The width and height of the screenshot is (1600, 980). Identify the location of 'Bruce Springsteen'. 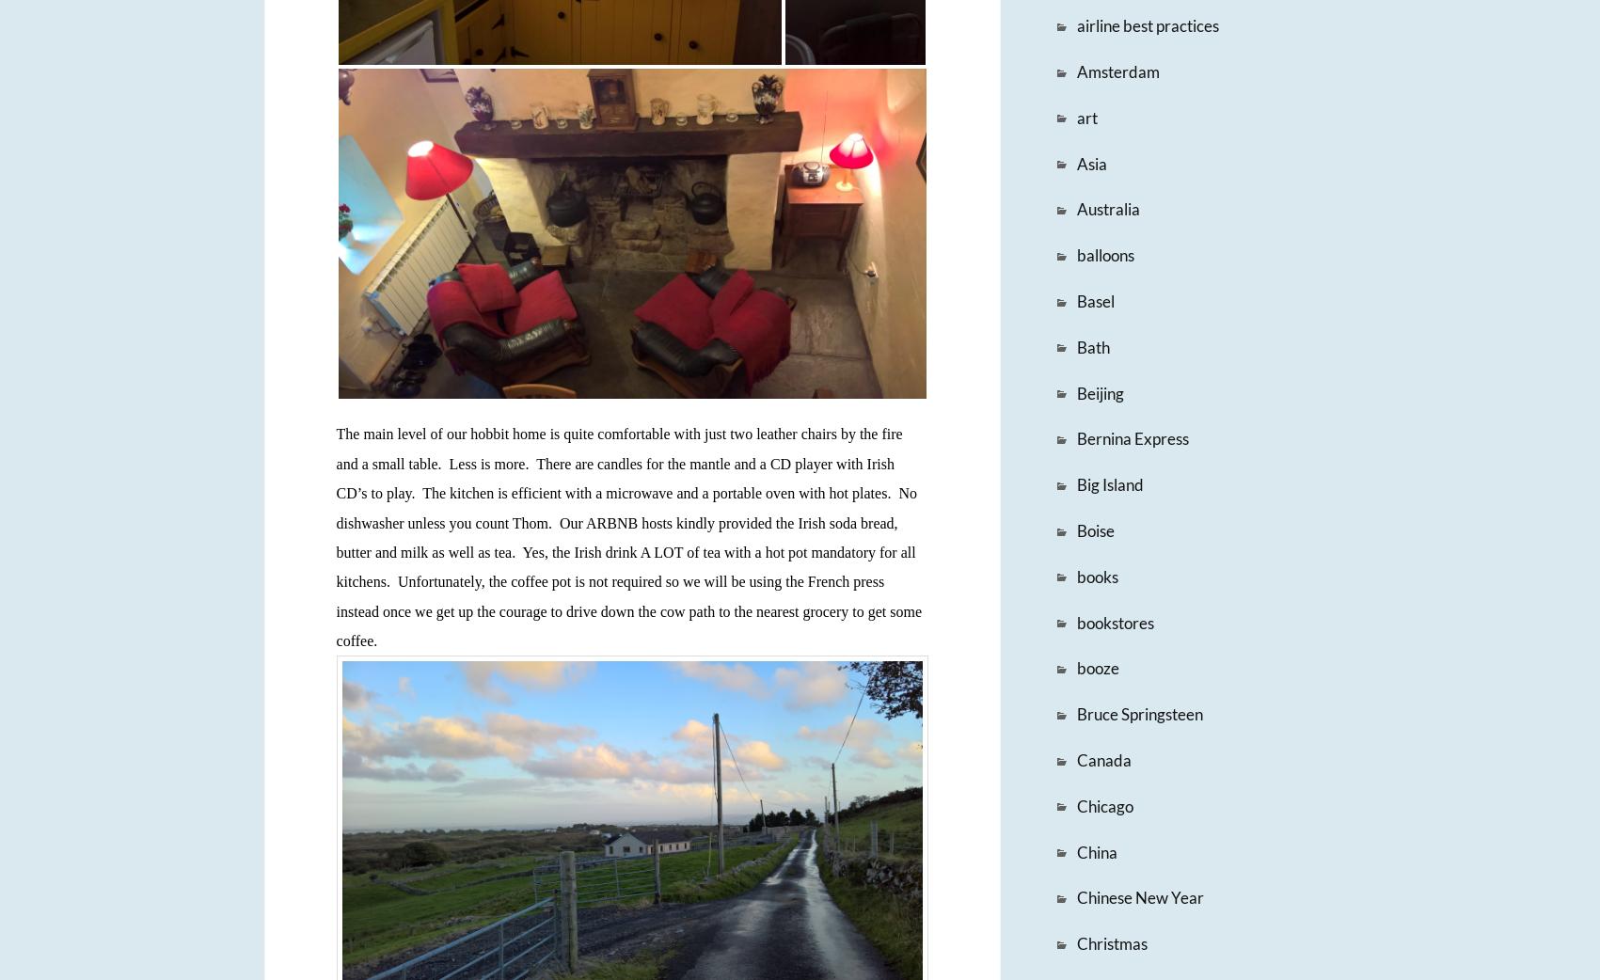
(1137, 713).